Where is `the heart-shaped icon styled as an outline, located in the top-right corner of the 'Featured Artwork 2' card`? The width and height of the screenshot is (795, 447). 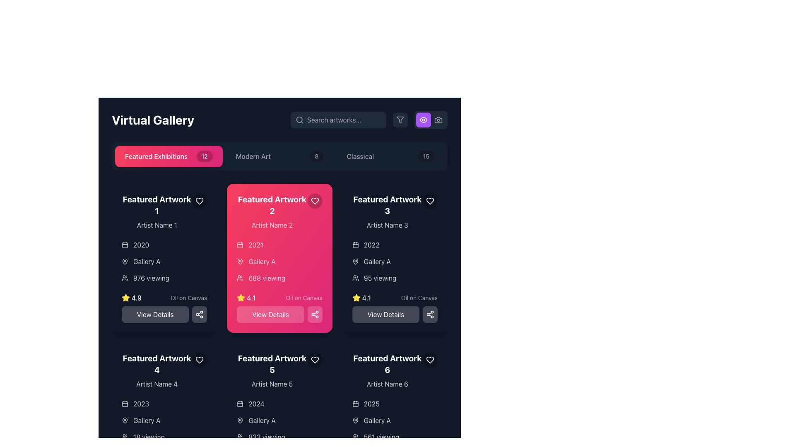 the heart-shaped icon styled as an outline, located in the top-right corner of the 'Featured Artwork 2' card is located at coordinates (314, 360).